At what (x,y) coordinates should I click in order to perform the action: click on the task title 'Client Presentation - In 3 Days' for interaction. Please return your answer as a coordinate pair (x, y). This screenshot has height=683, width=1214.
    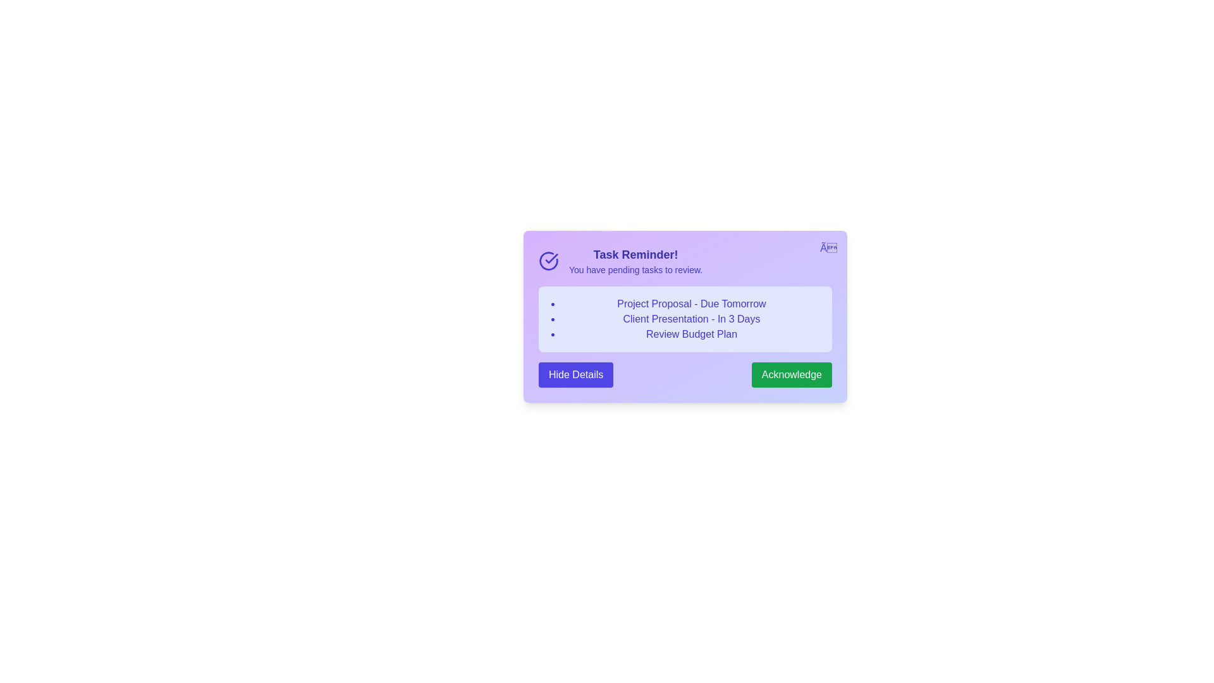
    Looking at the image, I should click on (691, 319).